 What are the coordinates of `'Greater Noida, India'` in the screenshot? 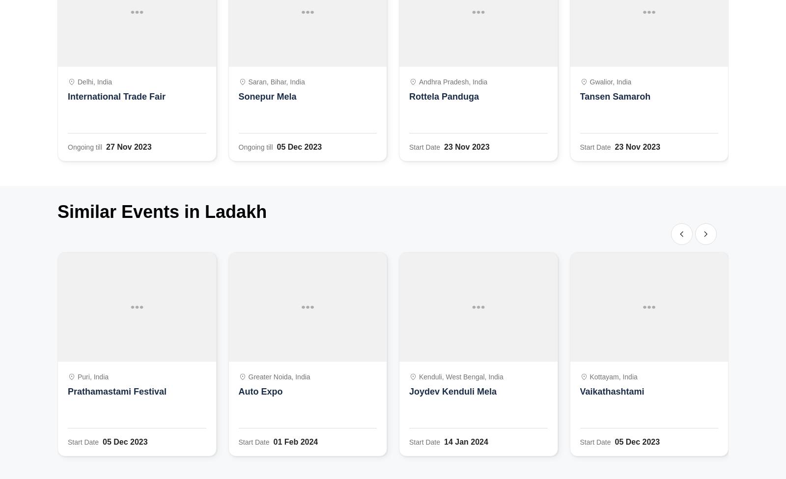 It's located at (247, 377).